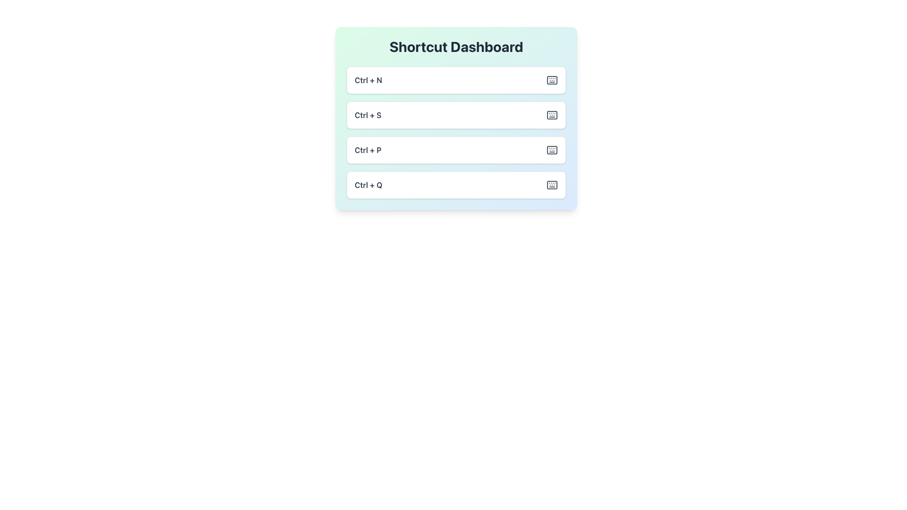 Image resolution: width=907 pixels, height=510 pixels. Describe the element at coordinates (552, 185) in the screenshot. I see `the unique key-like symbol button located in the bottom right of the last row of the shortcut listing grid` at that location.